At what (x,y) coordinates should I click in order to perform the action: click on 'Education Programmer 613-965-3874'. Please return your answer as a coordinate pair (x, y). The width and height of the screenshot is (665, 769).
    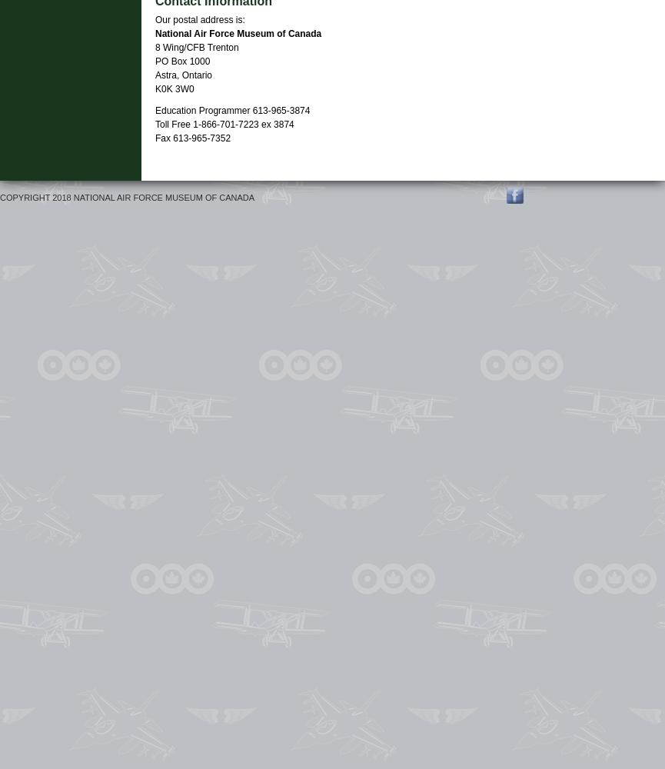
    Looking at the image, I should click on (154, 111).